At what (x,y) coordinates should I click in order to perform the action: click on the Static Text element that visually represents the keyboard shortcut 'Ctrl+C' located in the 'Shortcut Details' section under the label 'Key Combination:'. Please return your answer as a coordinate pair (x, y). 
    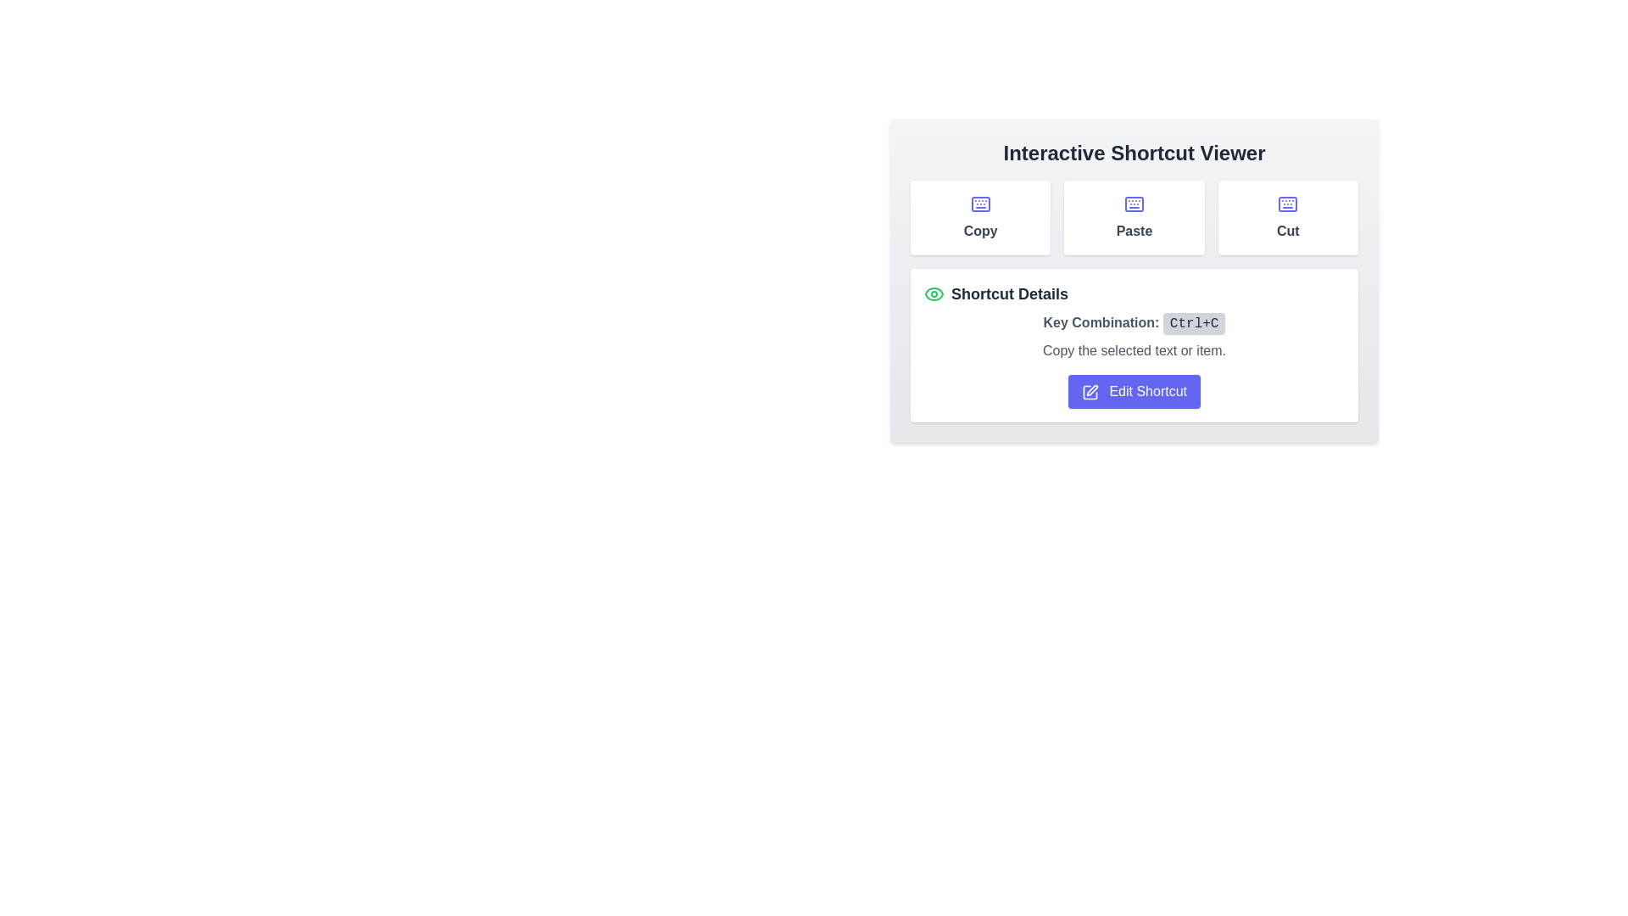
    Looking at the image, I should click on (1193, 323).